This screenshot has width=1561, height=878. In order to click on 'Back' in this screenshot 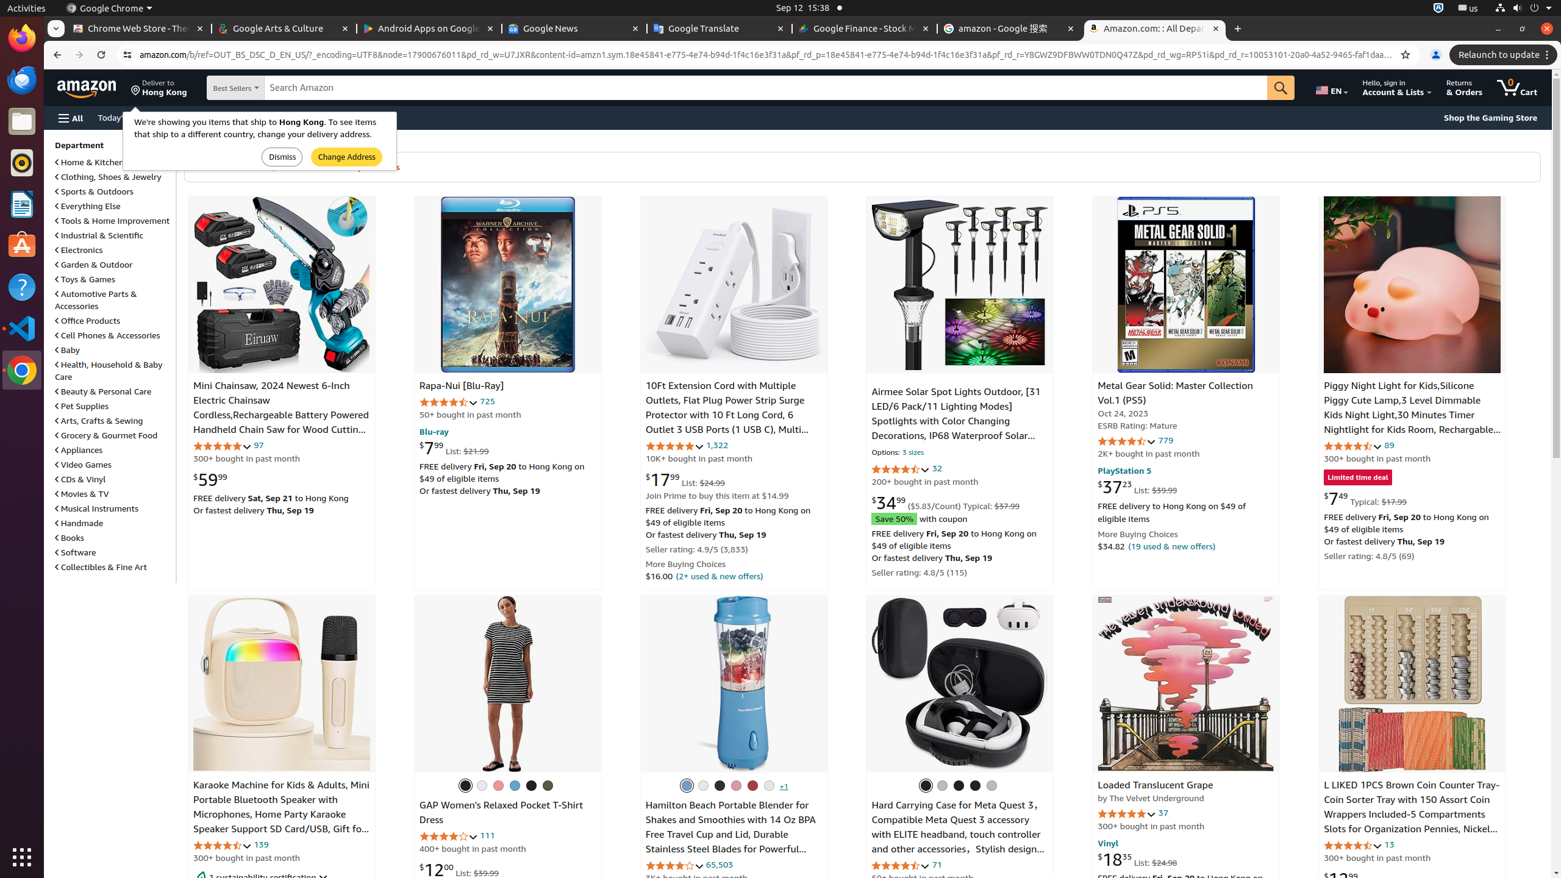, I will do `click(55, 54)`.